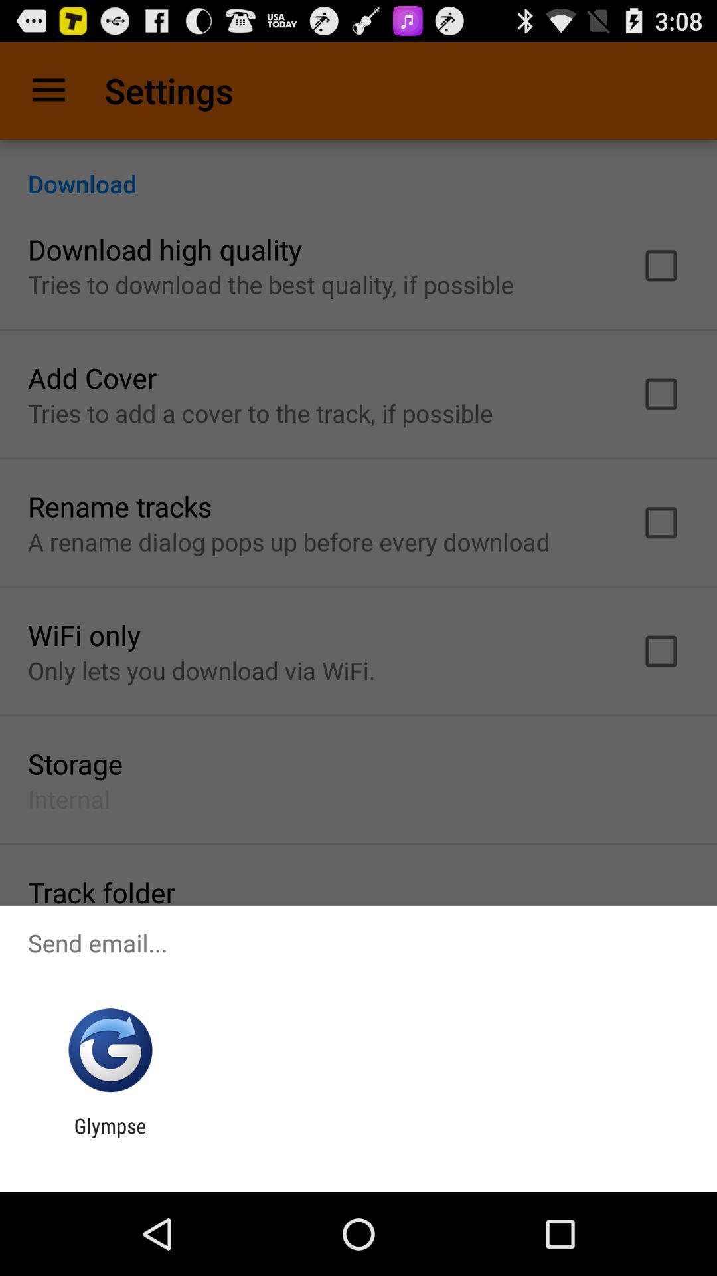 The width and height of the screenshot is (717, 1276). I want to click on the glympse icon, so click(110, 1137).